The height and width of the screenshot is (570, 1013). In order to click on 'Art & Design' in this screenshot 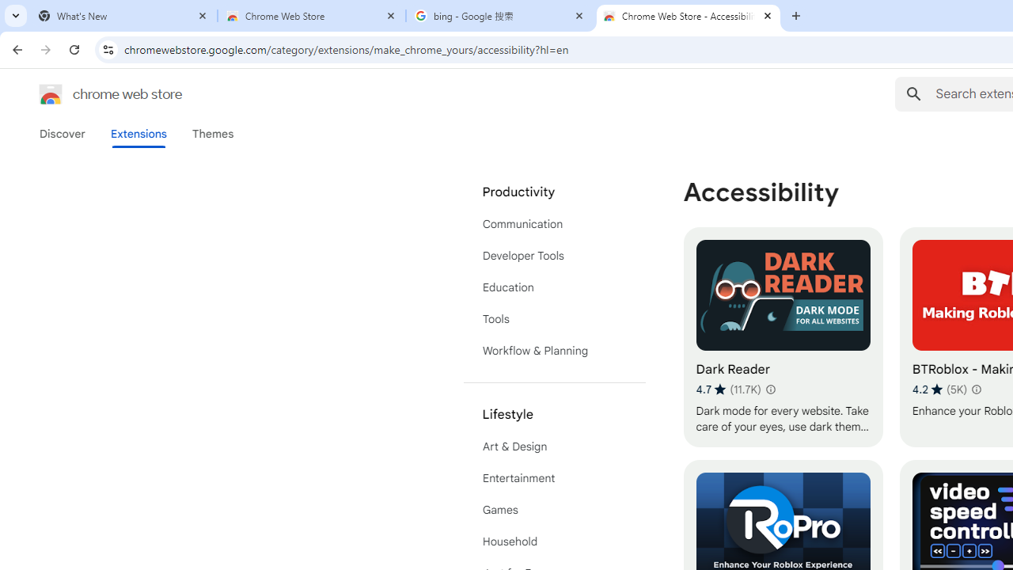, I will do `click(554, 446)`.